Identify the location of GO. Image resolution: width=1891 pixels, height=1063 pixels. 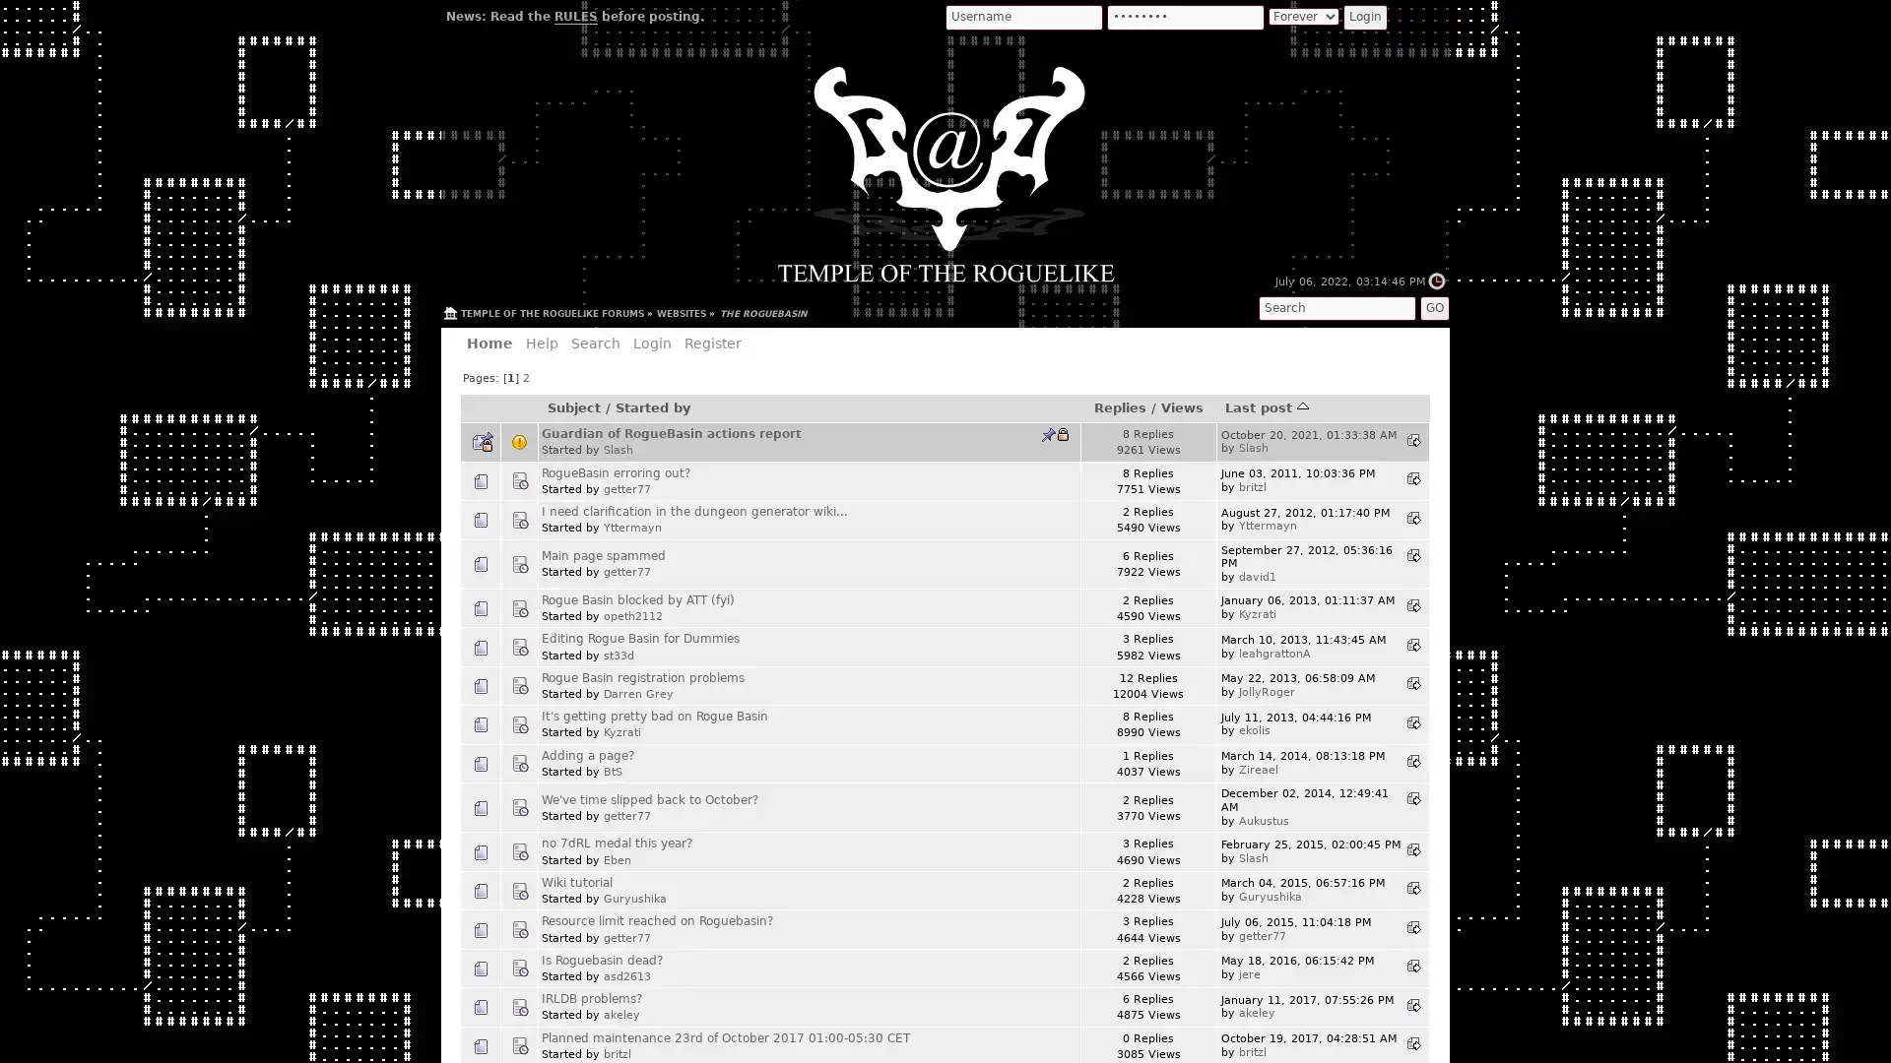
(1435, 307).